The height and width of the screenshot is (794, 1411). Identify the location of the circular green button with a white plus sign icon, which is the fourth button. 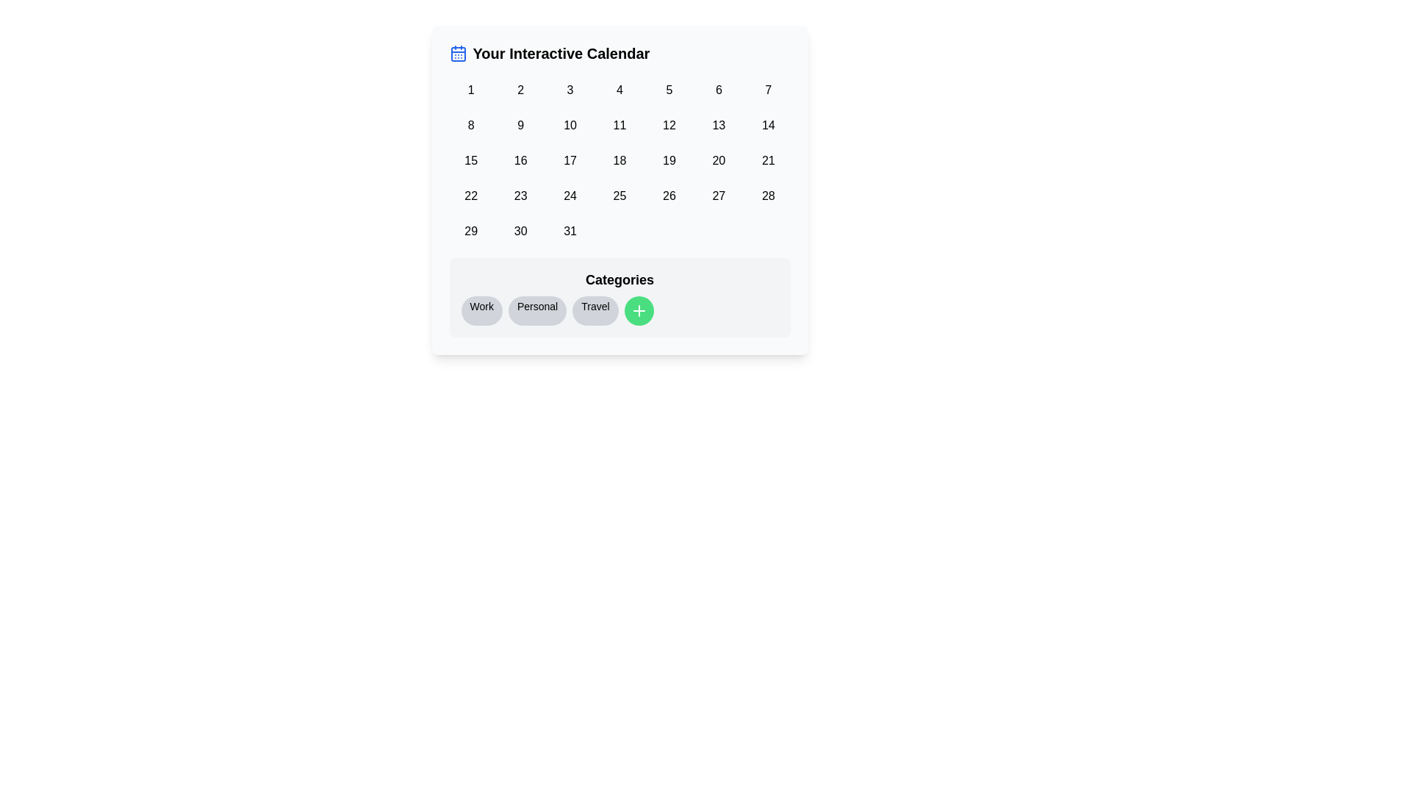
(639, 310).